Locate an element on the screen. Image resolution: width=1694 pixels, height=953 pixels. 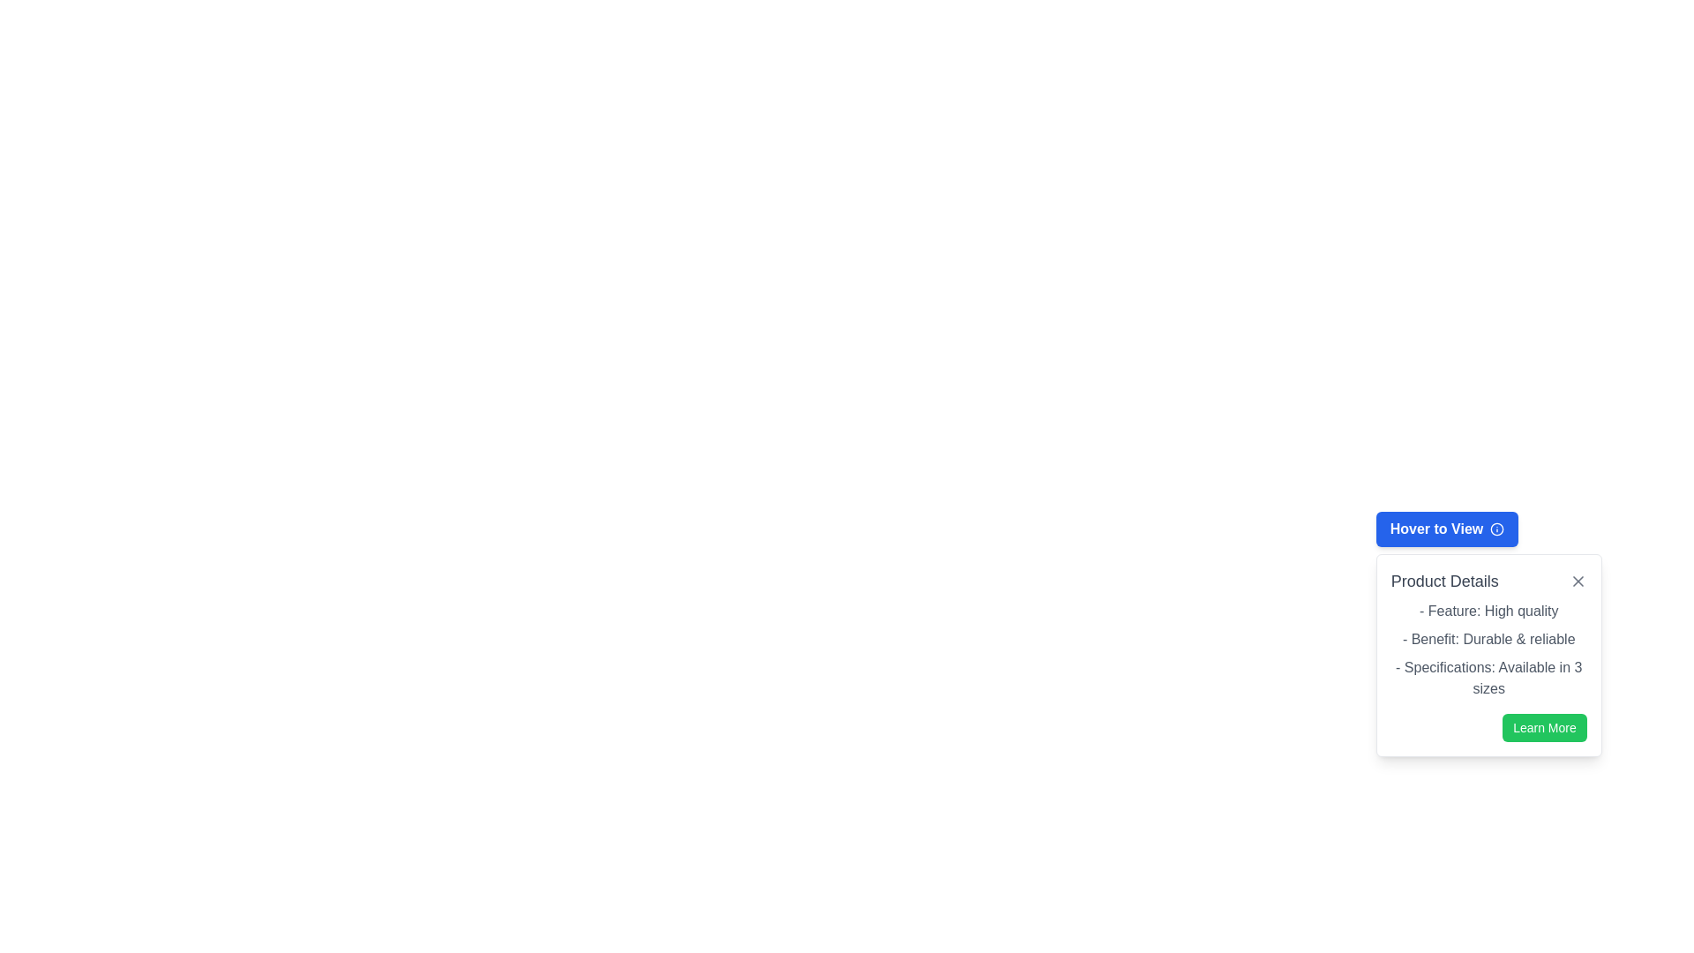
the text element displaying '- Benefit: Durable & reliable', which is the second entry in the 'Product Details' section is located at coordinates (1488, 640).